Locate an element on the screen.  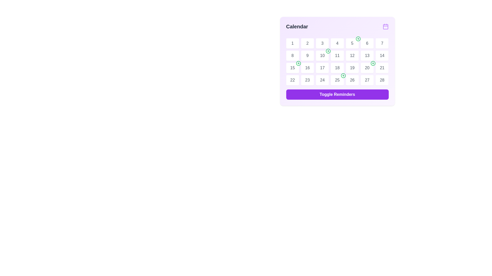
the label displaying the number '21' in the calendar grid, which is located in the third row and third column of the interface is located at coordinates (382, 67).